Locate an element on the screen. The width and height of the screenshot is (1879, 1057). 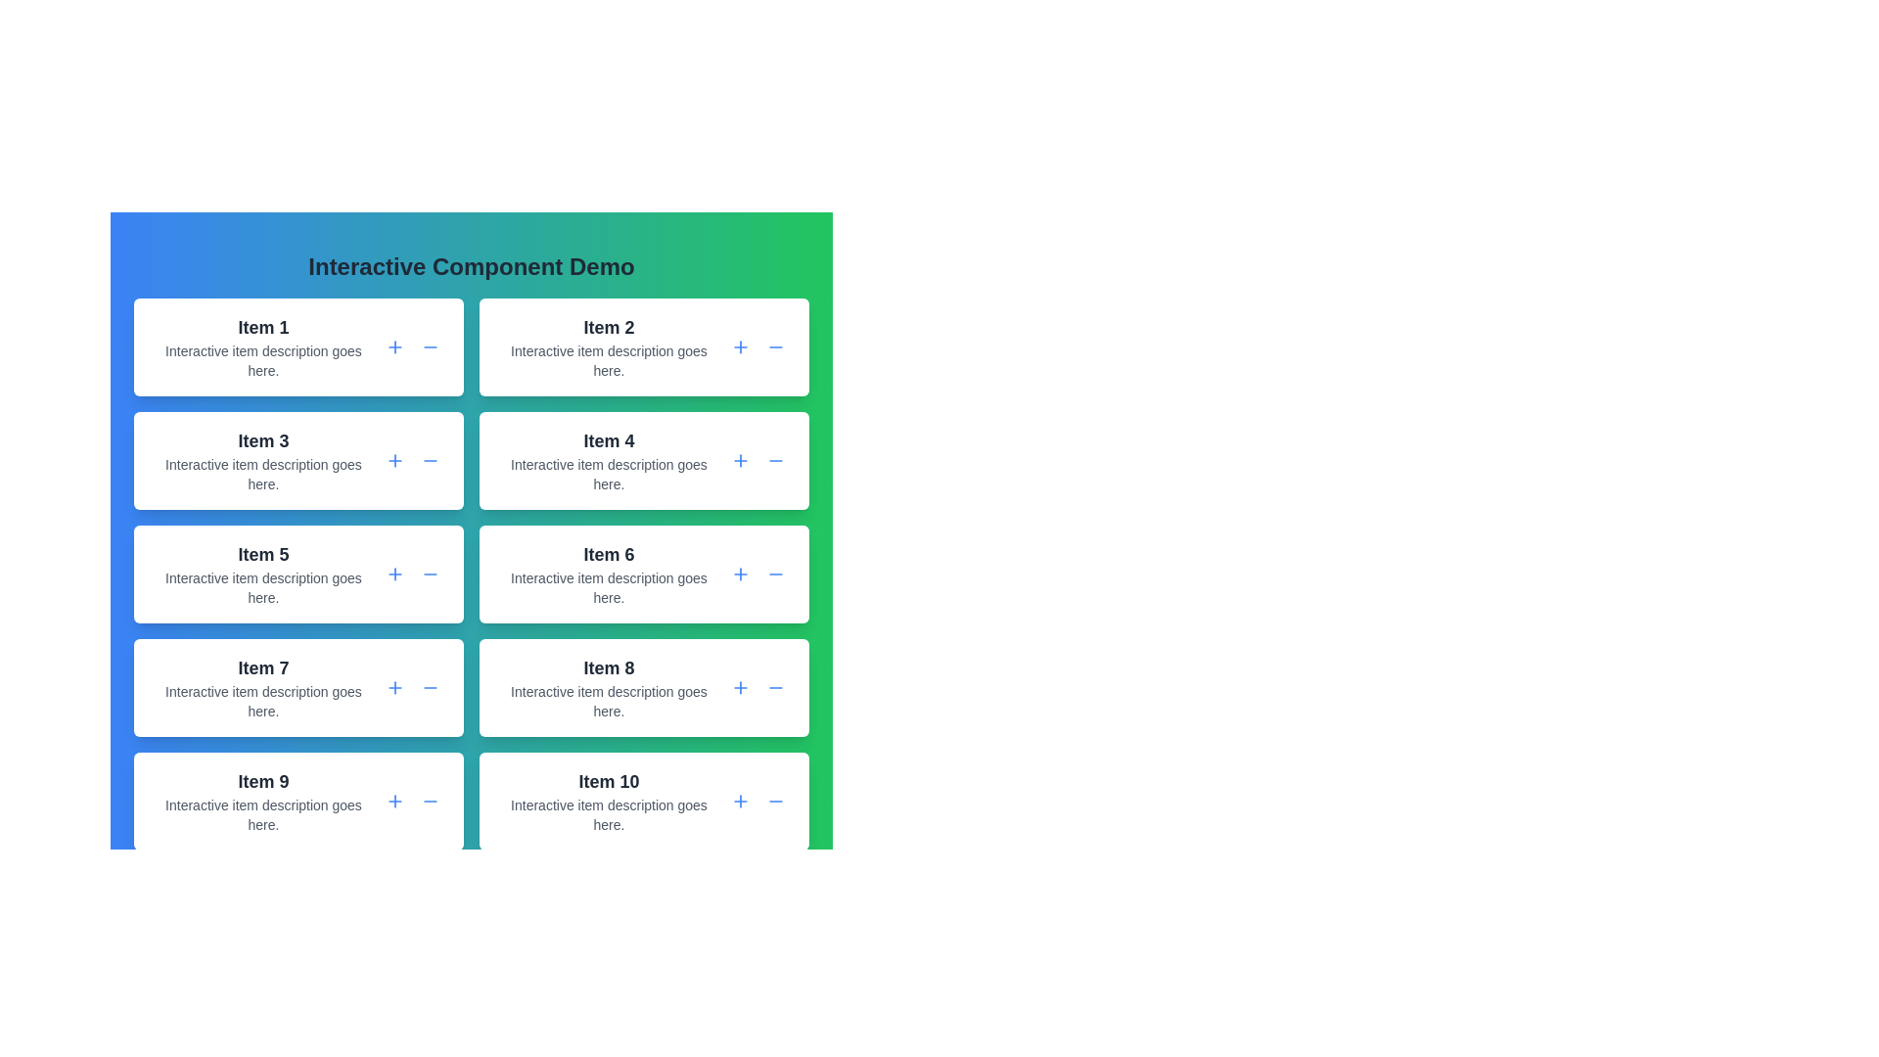
the text label displaying 'Item 10' located at the top of the last card in the second column of a grid layout is located at coordinates (608, 780).